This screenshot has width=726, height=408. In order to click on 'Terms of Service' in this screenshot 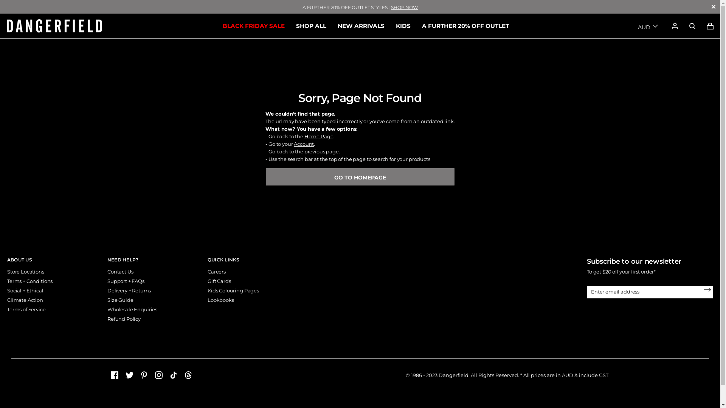, I will do `click(26, 309)`.